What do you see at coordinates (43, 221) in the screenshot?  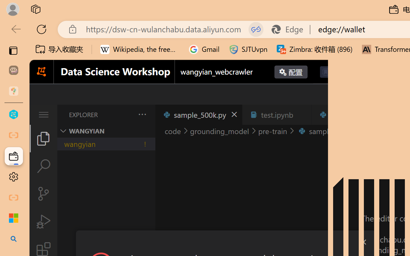 I see `'Run and Debug (Ctrl+Shift+D)'` at bounding box center [43, 221].